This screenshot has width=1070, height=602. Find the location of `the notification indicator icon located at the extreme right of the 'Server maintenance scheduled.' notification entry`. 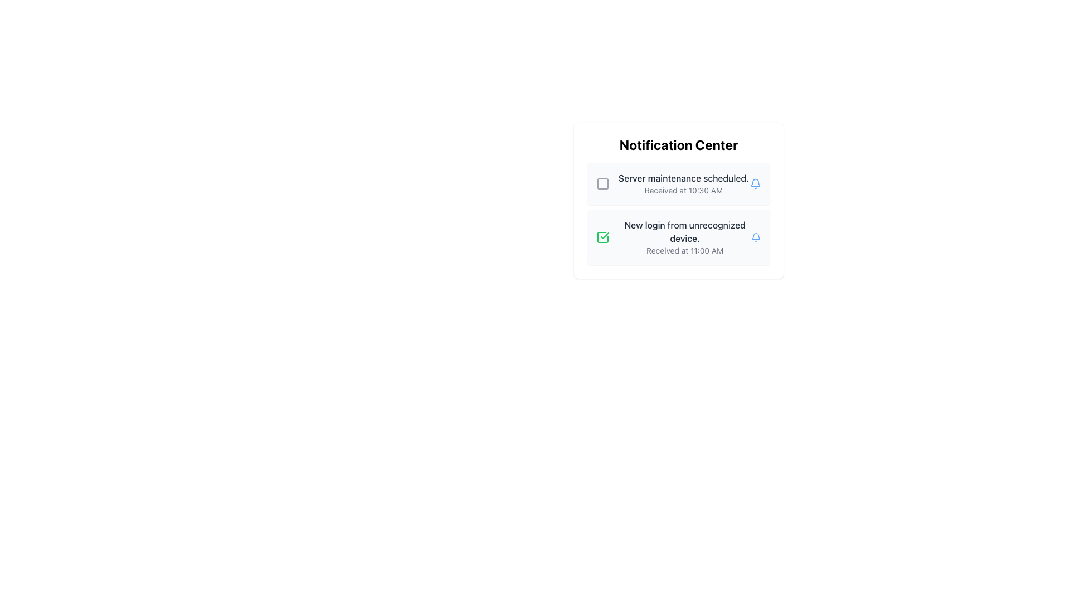

the notification indicator icon located at the extreme right of the 'Server maintenance scheduled.' notification entry is located at coordinates (756, 183).